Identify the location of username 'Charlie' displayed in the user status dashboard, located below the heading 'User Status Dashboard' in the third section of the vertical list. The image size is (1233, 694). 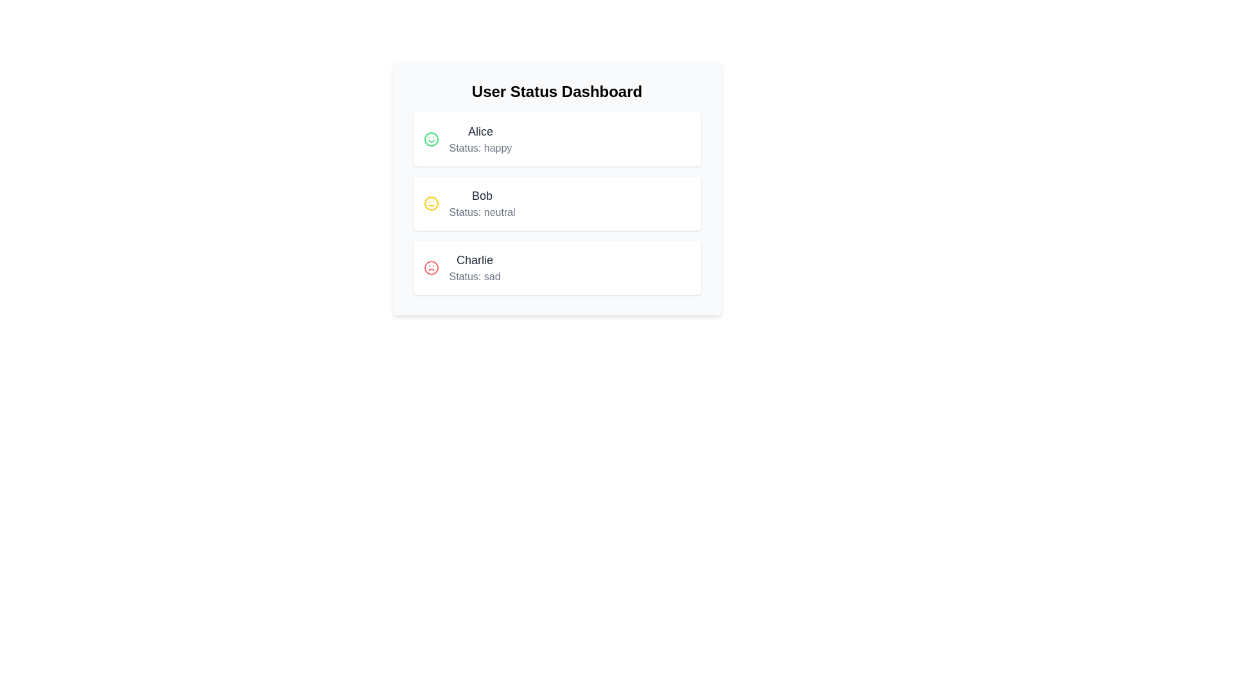
(474, 260).